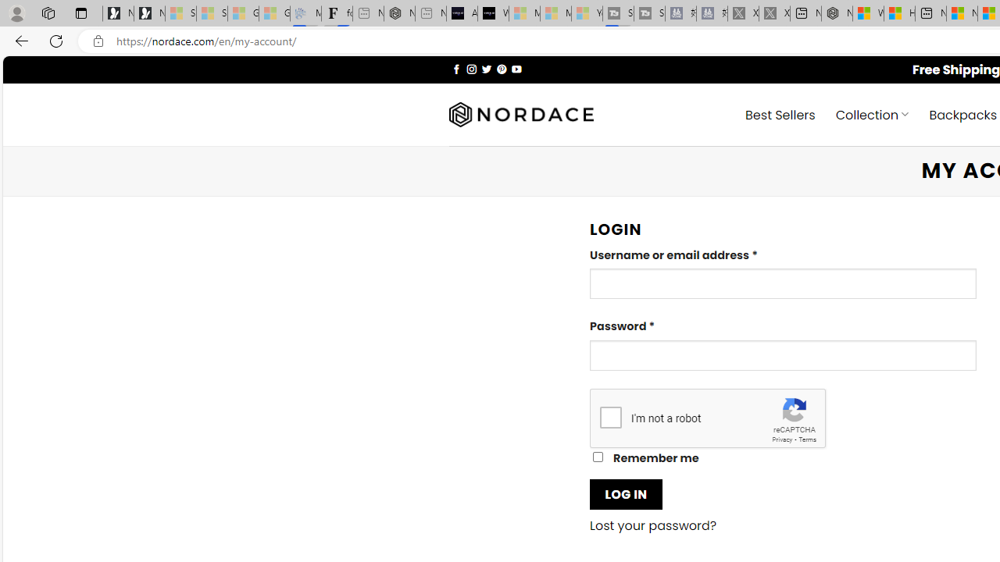 Image resolution: width=1000 pixels, height=562 pixels. Describe the element at coordinates (48, 12) in the screenshot. I see `'Workspaces'` at that location.